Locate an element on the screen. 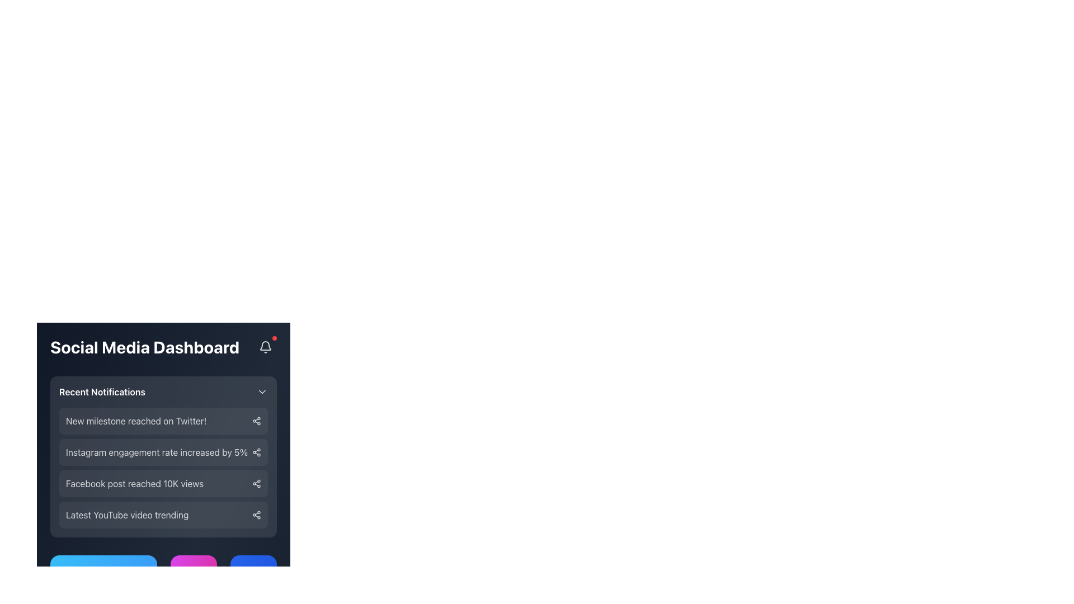  notification text displayed on the third Notification card in the Recent Notifications section, indicating the achievement of 10K views on a Facebook post is located at coordinates (163, 483).